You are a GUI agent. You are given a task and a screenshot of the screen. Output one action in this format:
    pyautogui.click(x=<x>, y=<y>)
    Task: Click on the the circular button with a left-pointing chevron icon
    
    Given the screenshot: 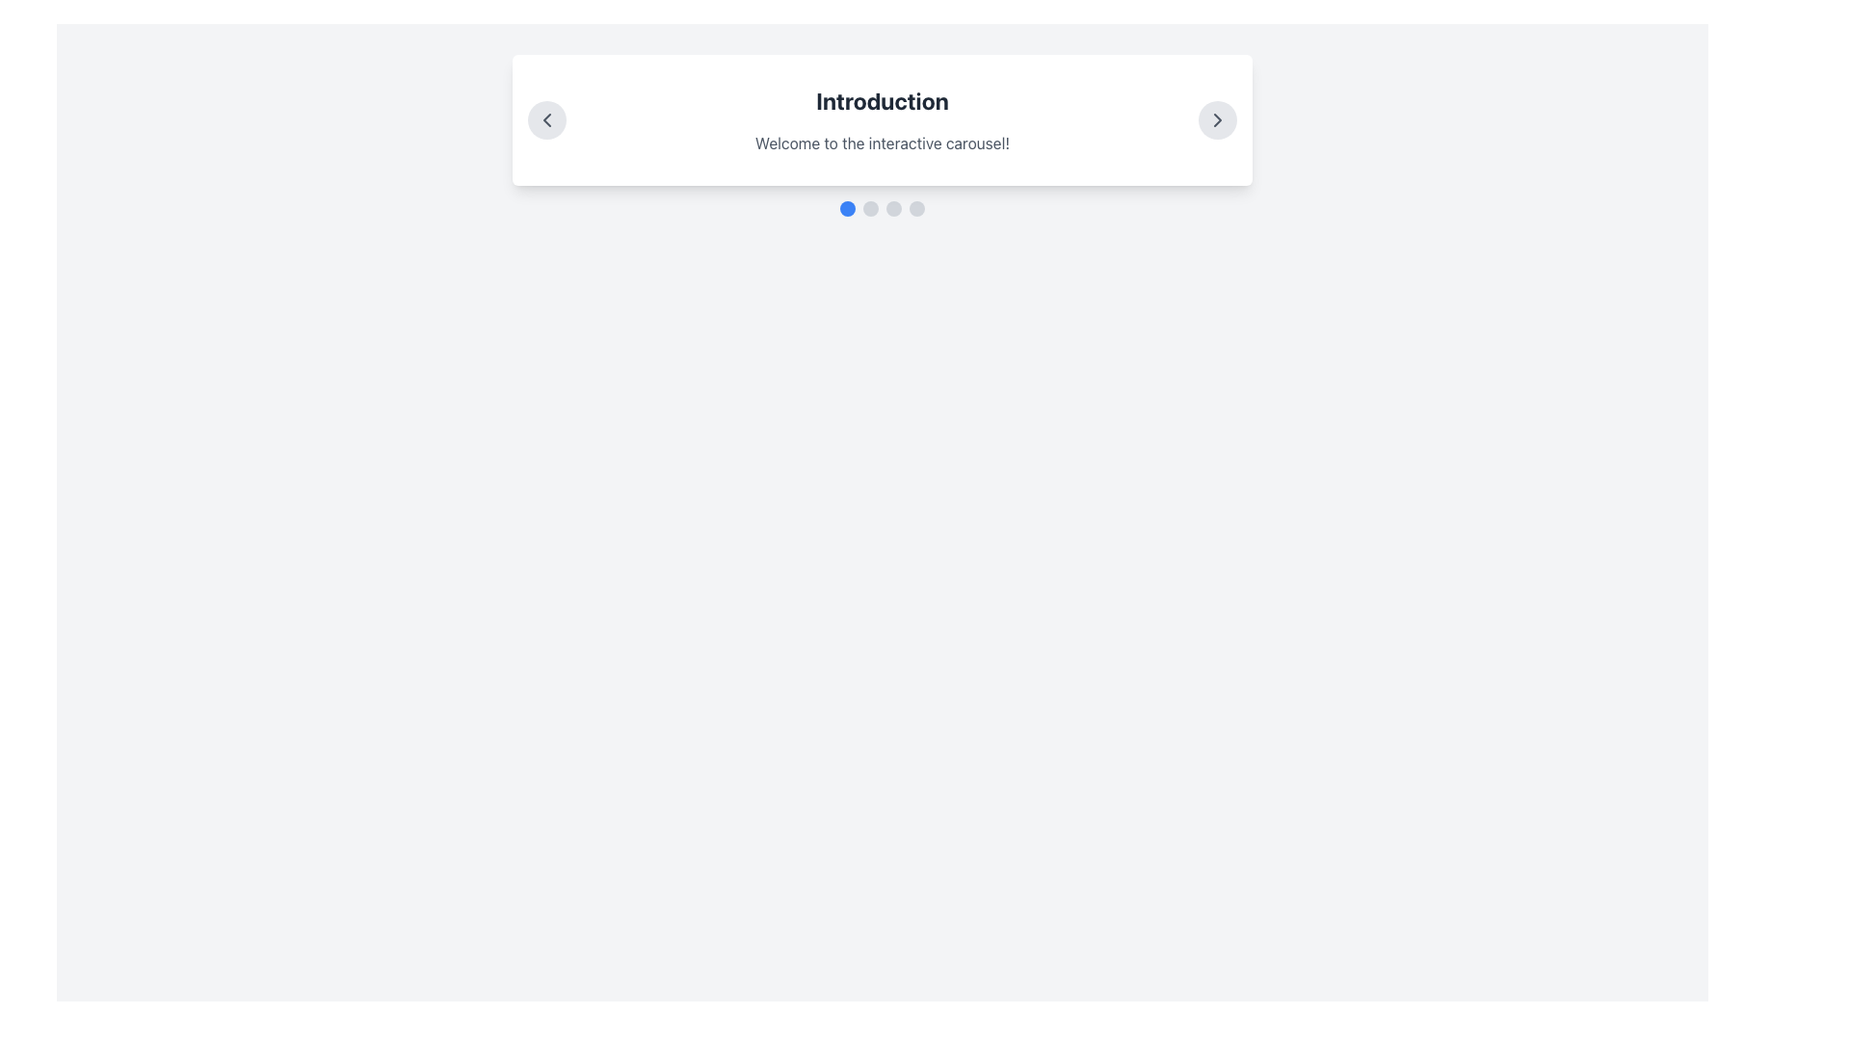 What is the action you would take?
    pyautogui.click(x=545, y=119)
    